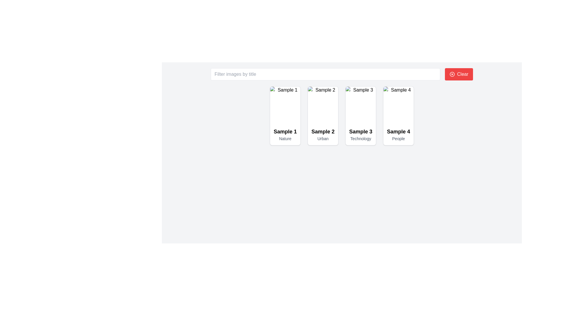 This screenshot has height=316, width=562. Describe the element at coordinates (398, 105) in the screenshot. I see `the image that represents the primary focus of the fourth card titled 'Sample 4', located at the top section of the card` at that location.